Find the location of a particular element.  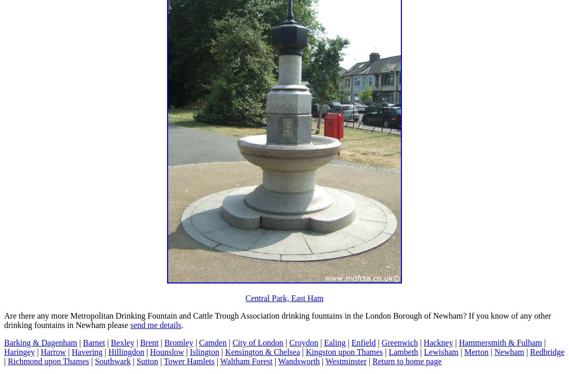

'City of London' is located at coordinates (258, 341).